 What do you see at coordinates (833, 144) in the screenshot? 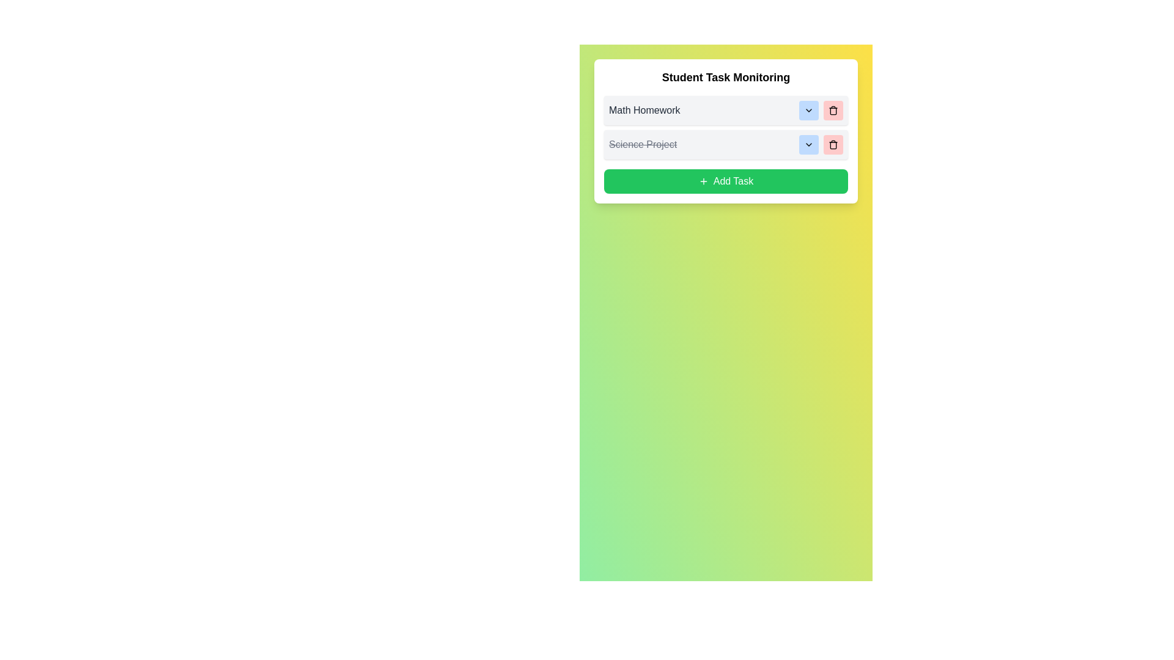
I see `the trash can icon button with a red background` at bounding box center [833, 144].